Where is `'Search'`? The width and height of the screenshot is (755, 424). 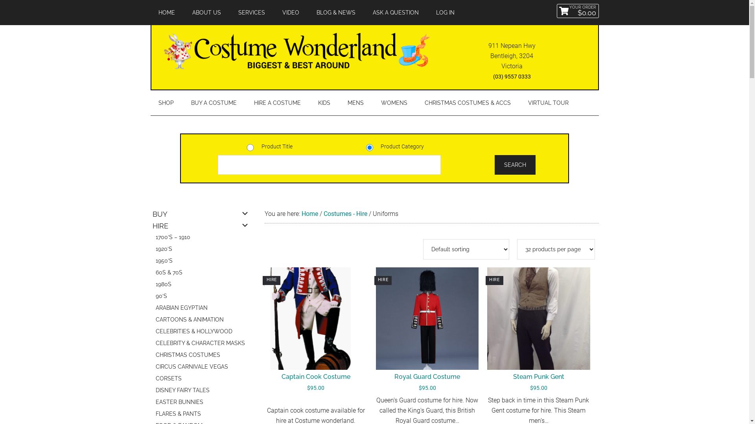
'Search' is located at coordinates (515, 164).